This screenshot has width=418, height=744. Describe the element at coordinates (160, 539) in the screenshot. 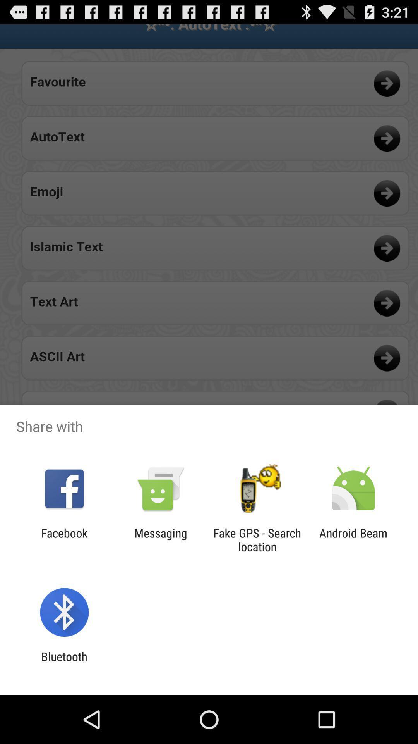

I see `the icon next to fake gps search` at that location.